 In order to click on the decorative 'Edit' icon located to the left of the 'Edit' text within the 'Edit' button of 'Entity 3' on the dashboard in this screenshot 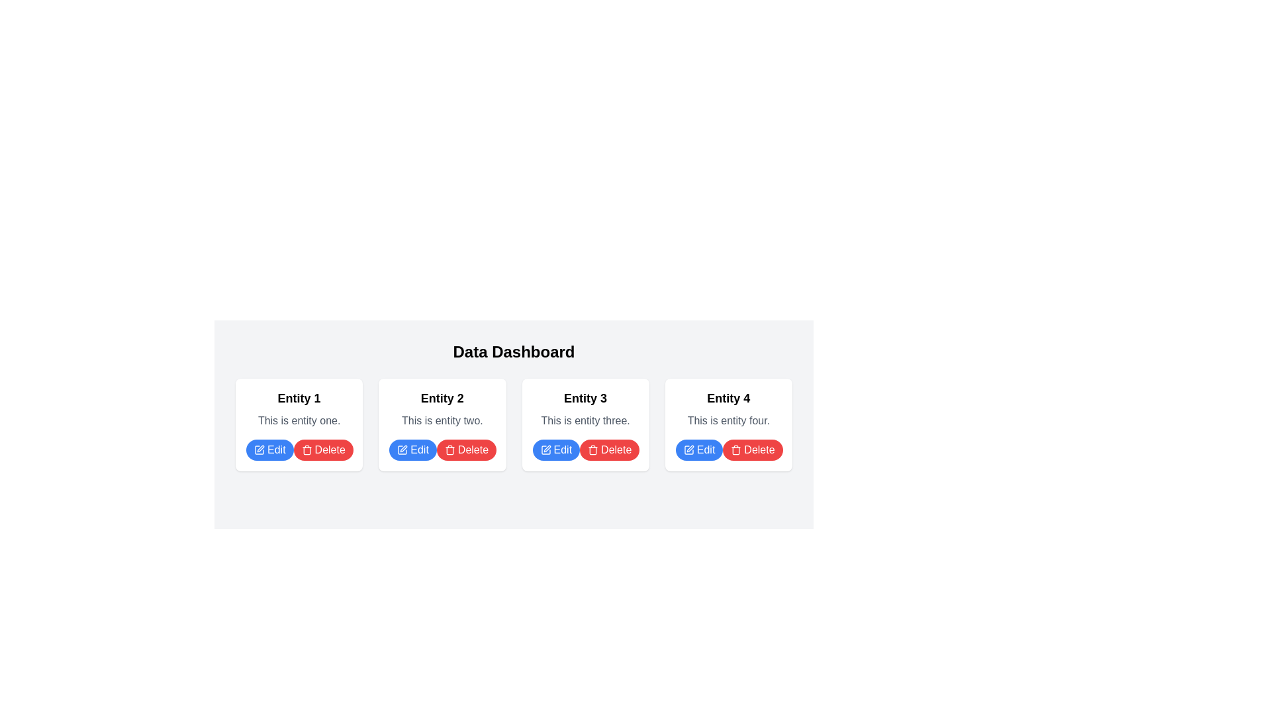, I will do `click(545, 449)`.